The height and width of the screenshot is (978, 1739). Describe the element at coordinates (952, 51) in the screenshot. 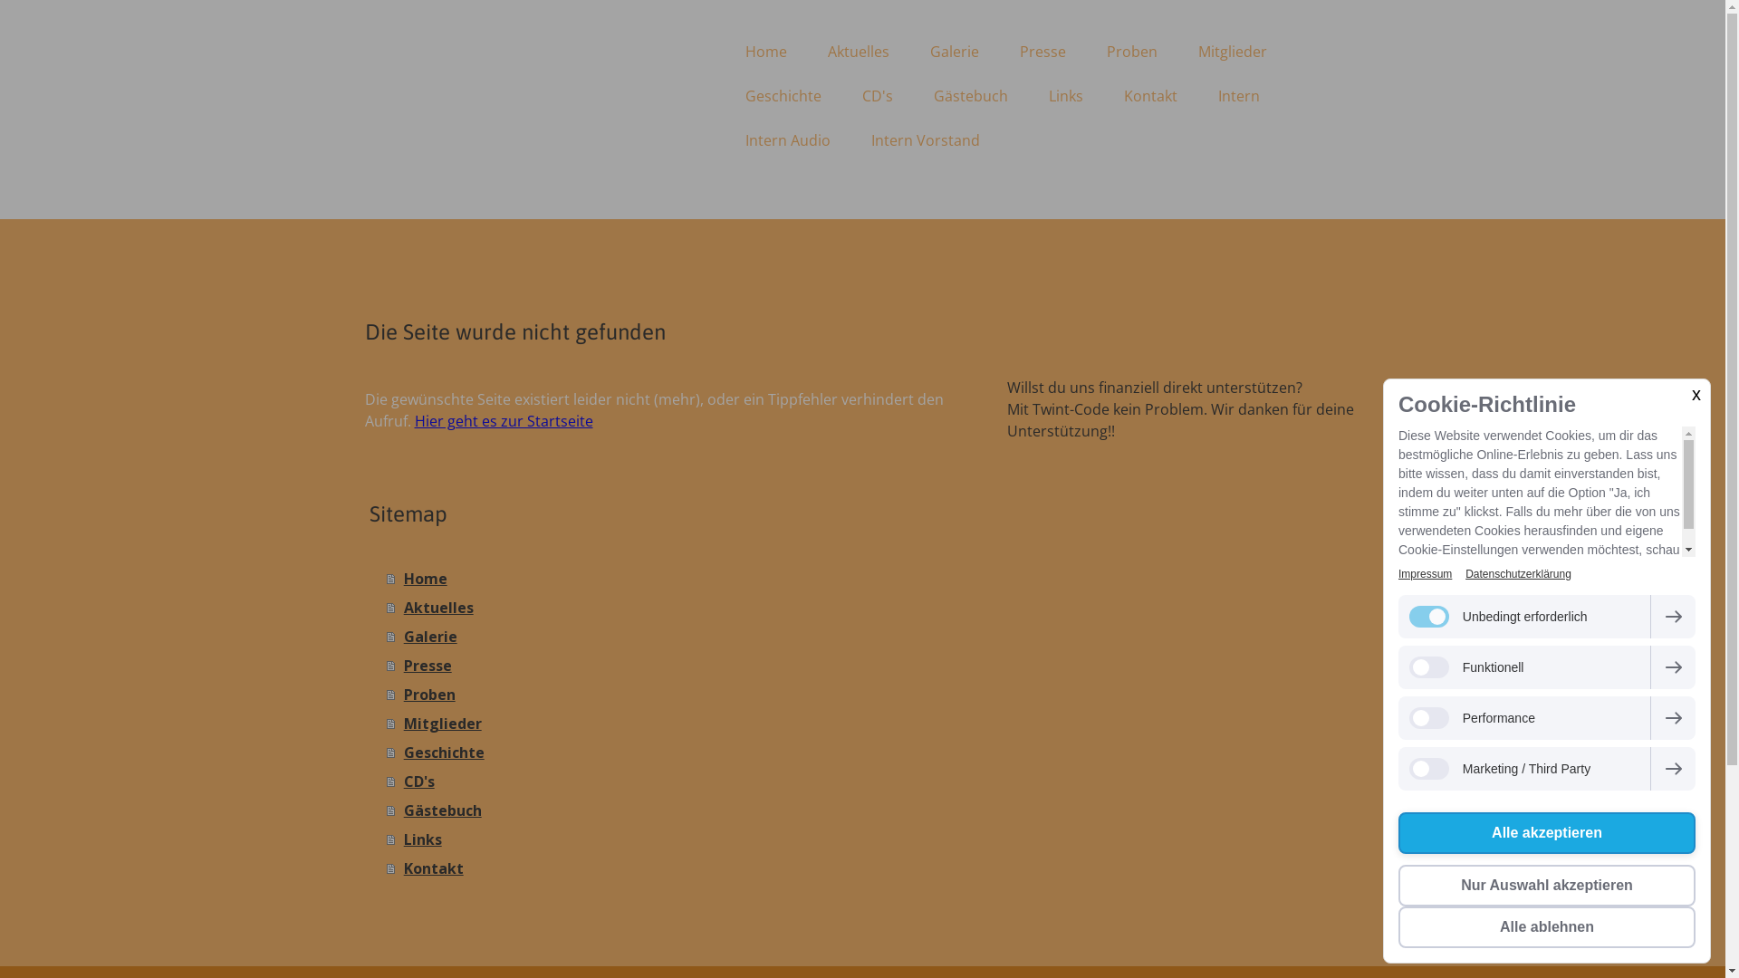

I see `'Galerie'` at that location.